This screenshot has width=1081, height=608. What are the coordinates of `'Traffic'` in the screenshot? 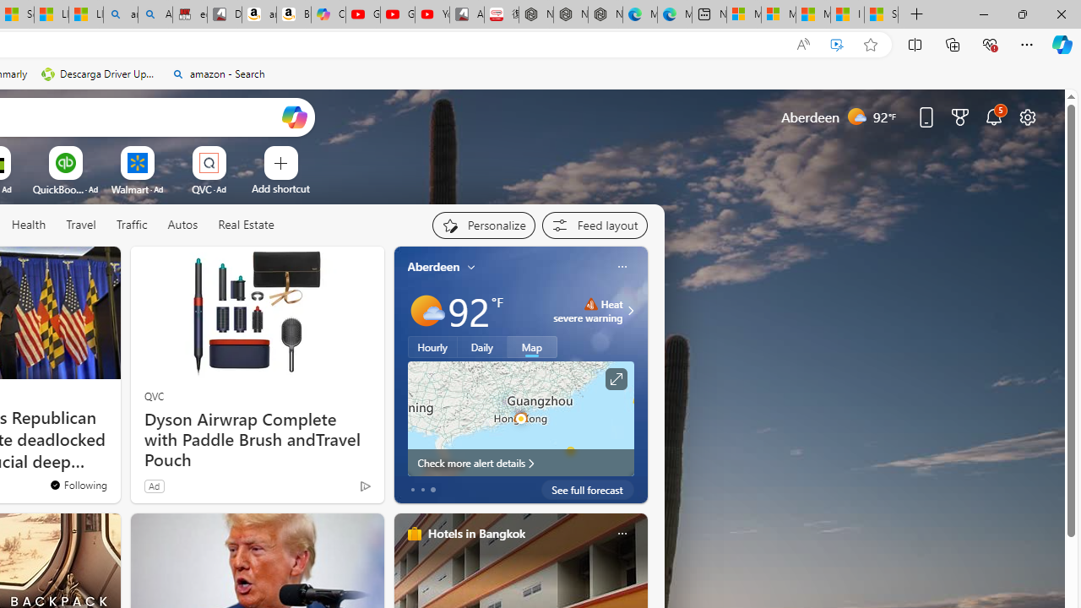 It's located at (131, 225).